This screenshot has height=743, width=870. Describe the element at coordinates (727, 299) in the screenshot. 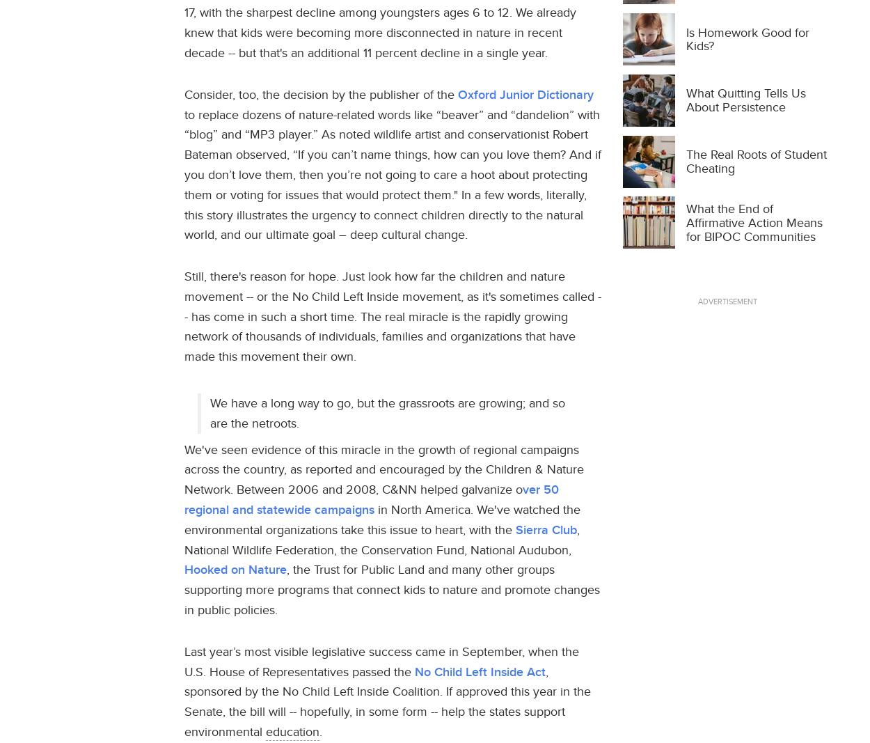

I see `'advertisement'` at that location.